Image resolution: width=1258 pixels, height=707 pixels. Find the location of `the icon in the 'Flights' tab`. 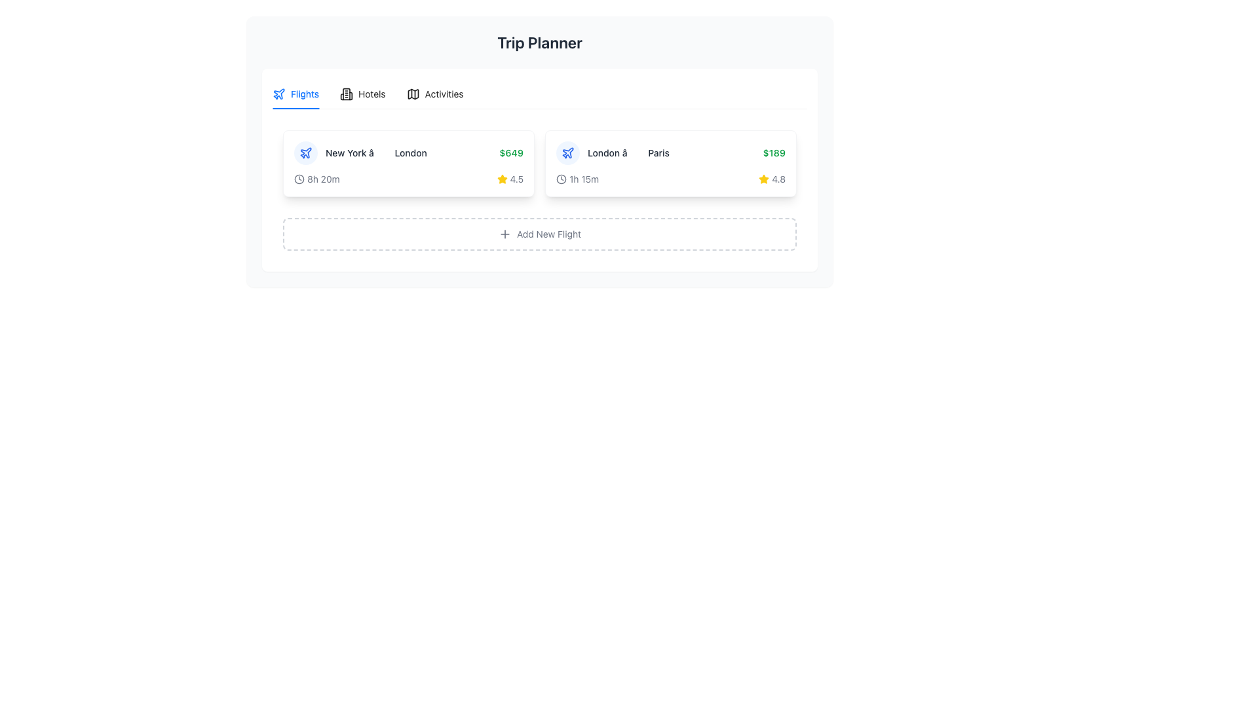

the icon in the 'Flights' tab is located at coordinates (286, 90).